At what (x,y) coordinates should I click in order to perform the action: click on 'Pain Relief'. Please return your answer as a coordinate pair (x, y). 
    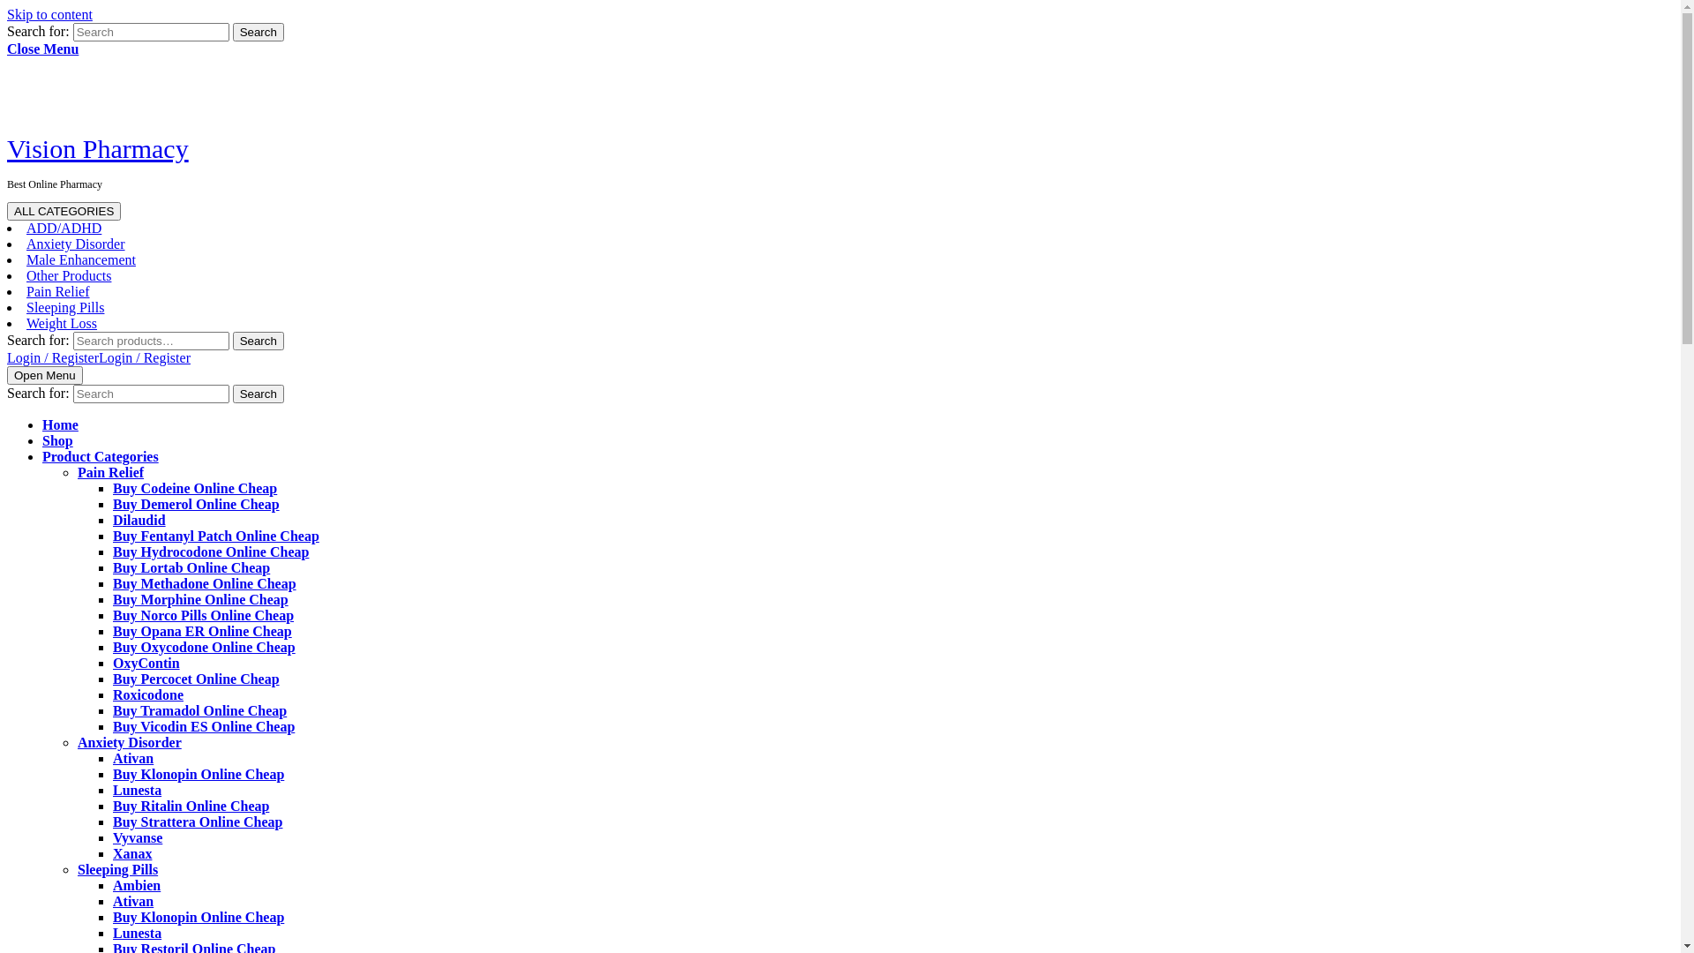
    Looking at the image, I should click on (58, 290).